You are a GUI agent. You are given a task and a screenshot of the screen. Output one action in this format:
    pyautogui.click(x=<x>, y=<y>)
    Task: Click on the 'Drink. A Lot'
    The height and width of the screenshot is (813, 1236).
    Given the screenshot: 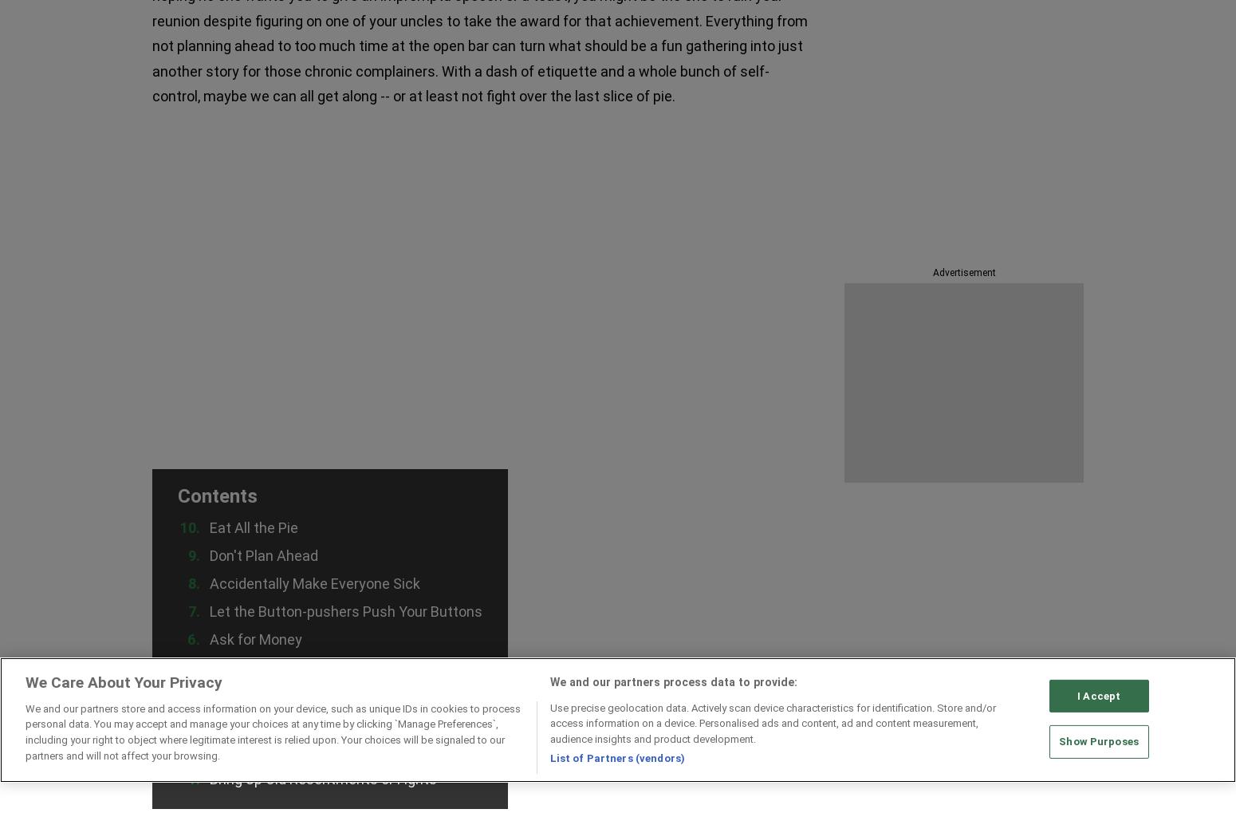 What is the action you would take?
    pyautogui.click(x=245, y=693)
    